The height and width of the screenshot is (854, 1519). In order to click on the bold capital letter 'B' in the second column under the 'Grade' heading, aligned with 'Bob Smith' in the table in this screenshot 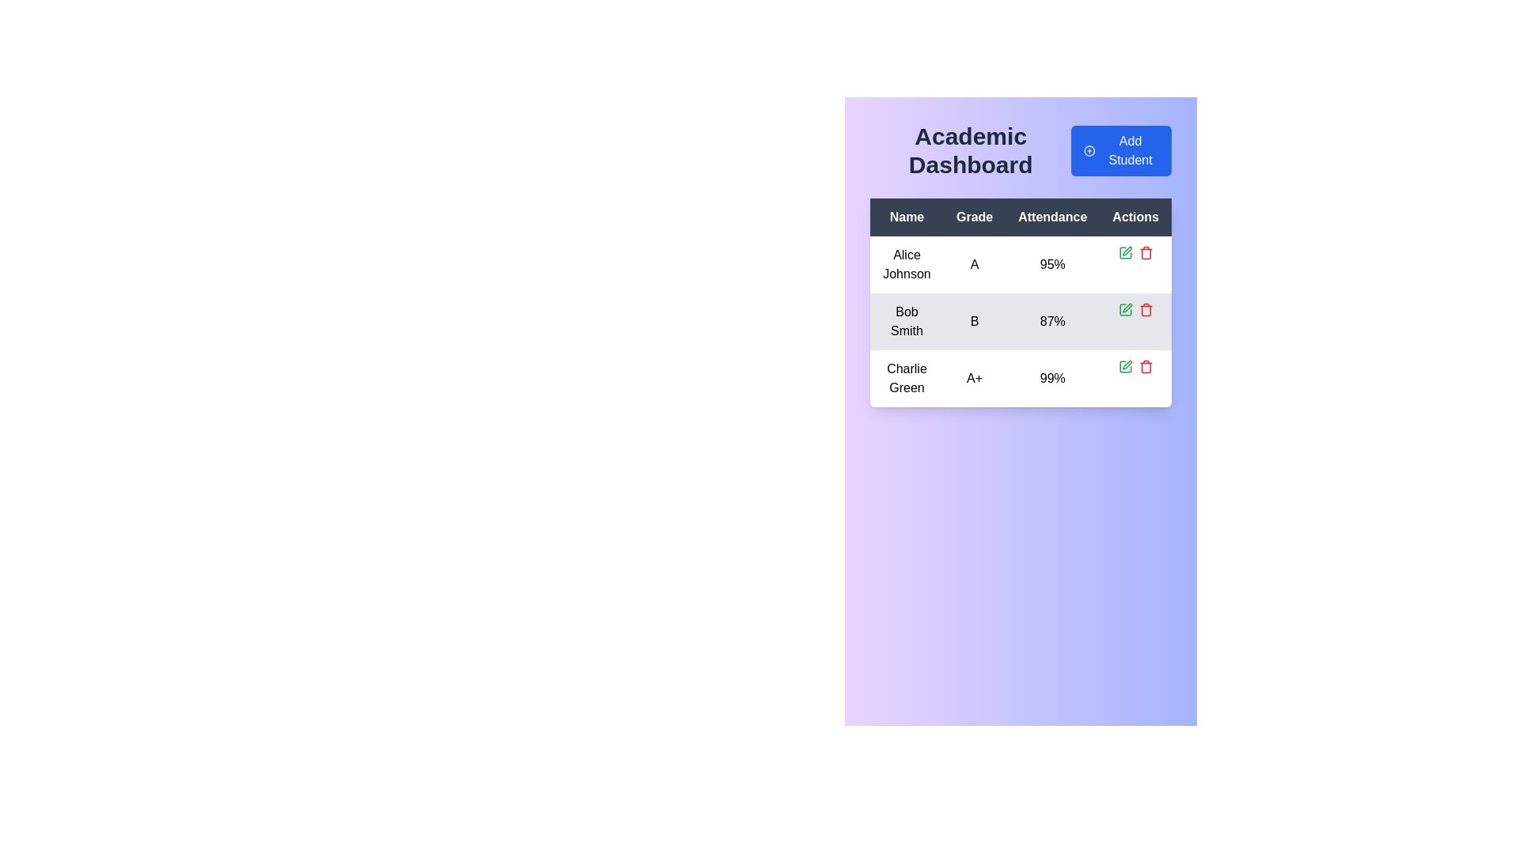, I will do `click(974, 321)`.